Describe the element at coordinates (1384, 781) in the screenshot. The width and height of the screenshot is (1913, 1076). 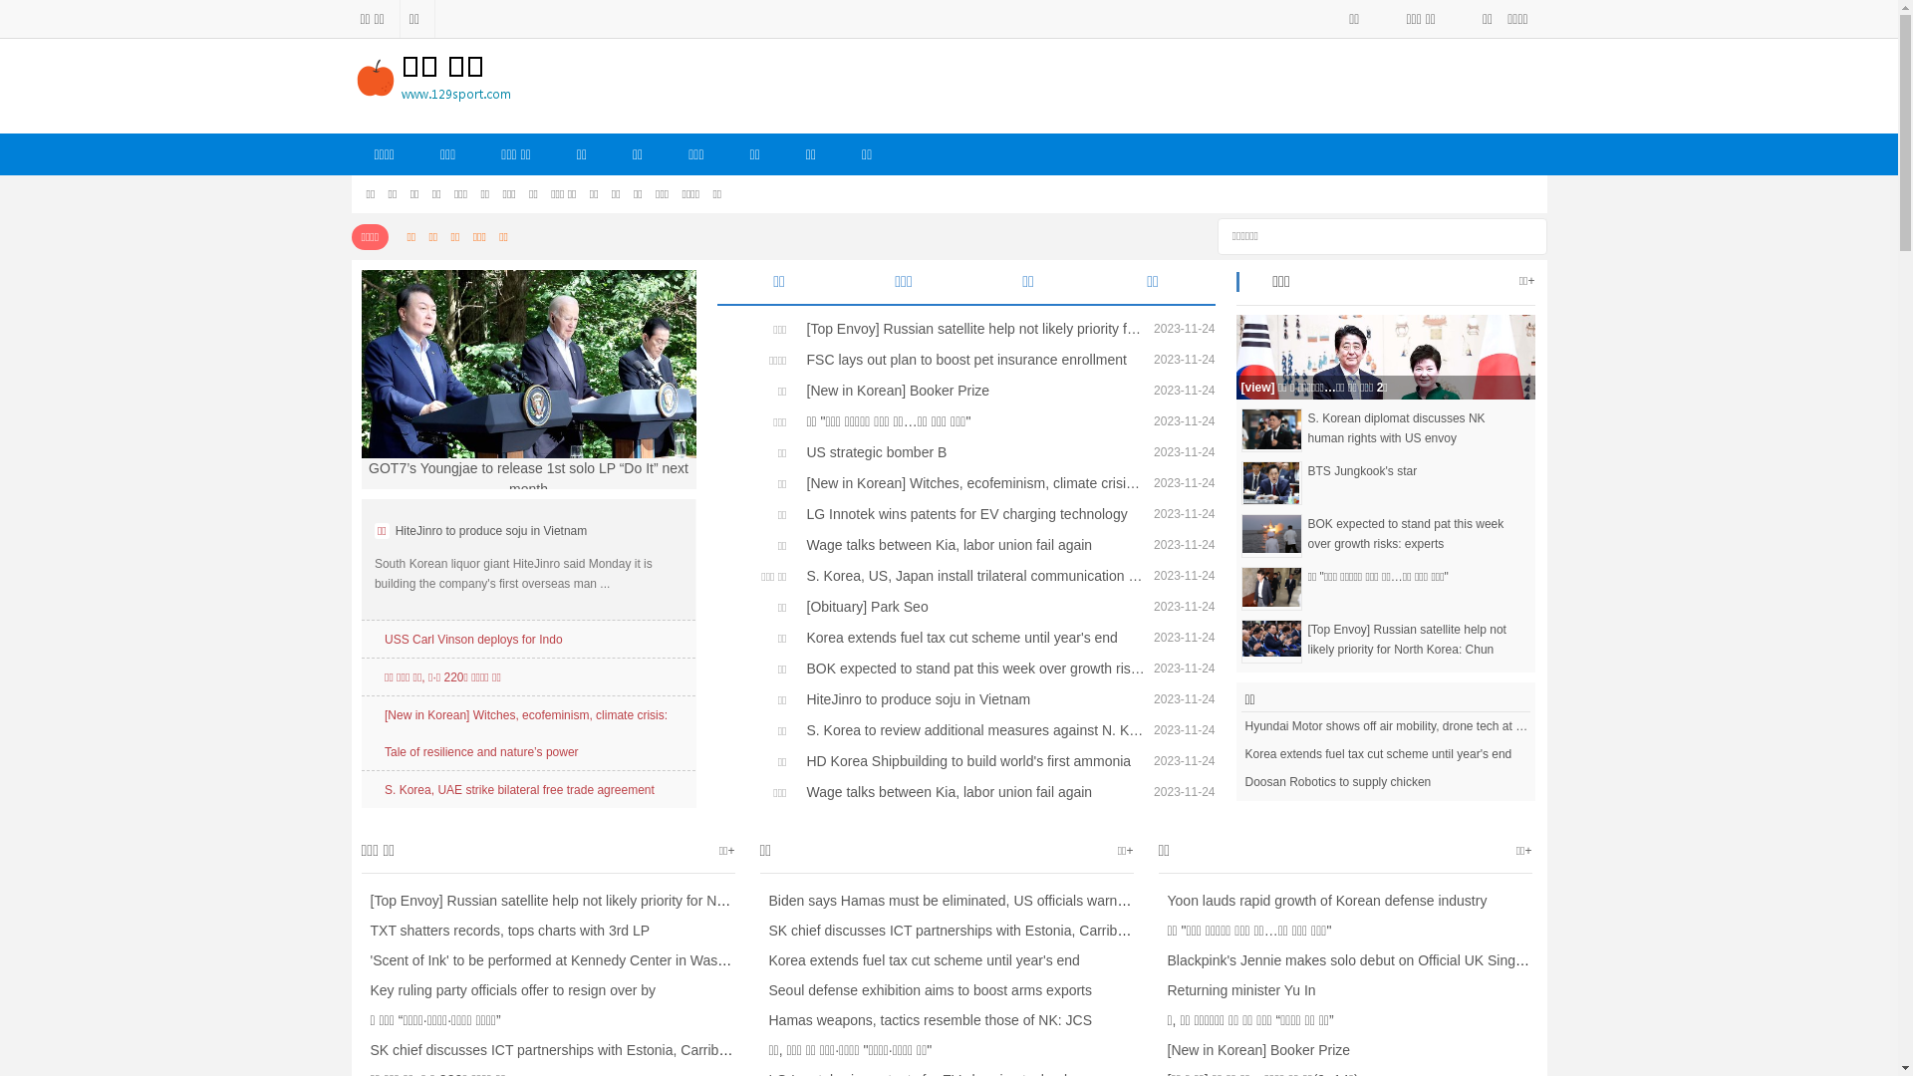
I see `'Doosan Robotics to supply chicken'` at that location.